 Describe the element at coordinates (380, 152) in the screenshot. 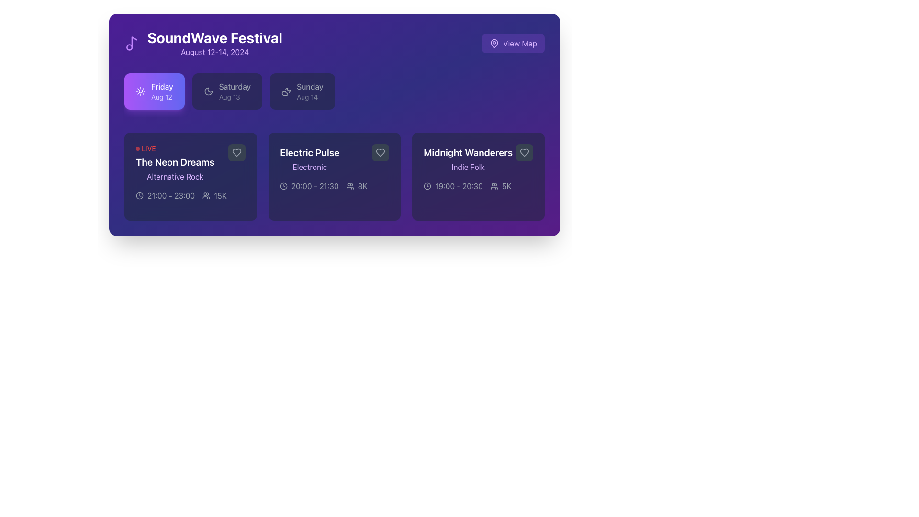

I see `the heart icon button located at the top-right corner of the 'Electric Pulse' card` at that location.